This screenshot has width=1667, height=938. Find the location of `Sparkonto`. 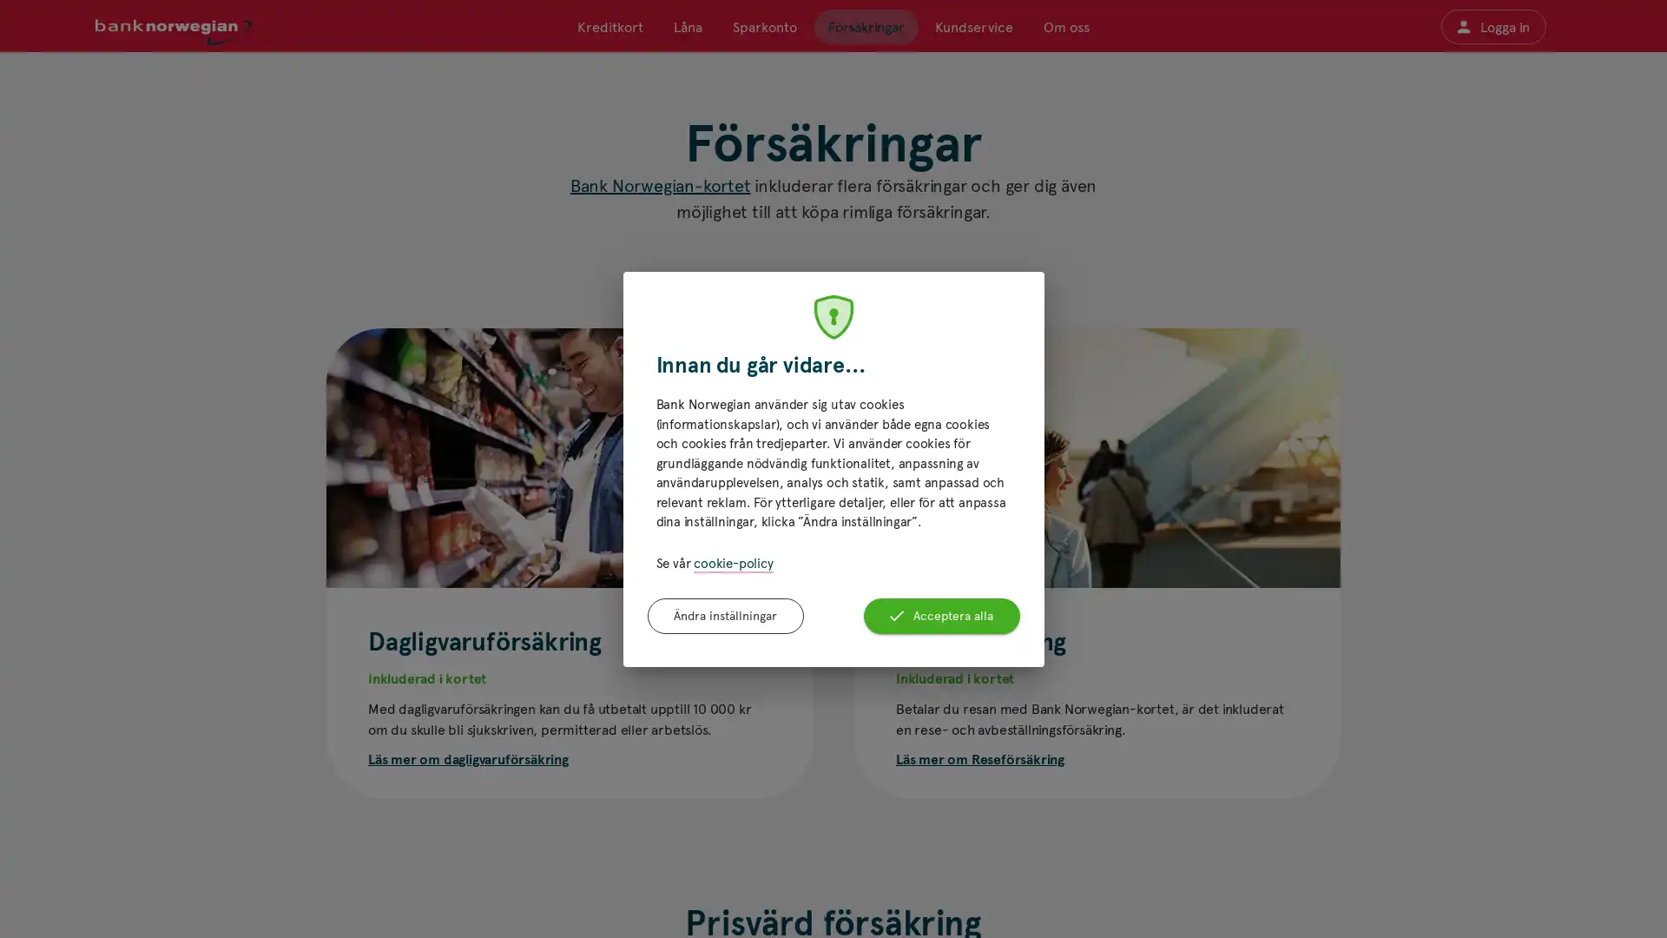

Sparkonto is located at coordinates (764, 26).